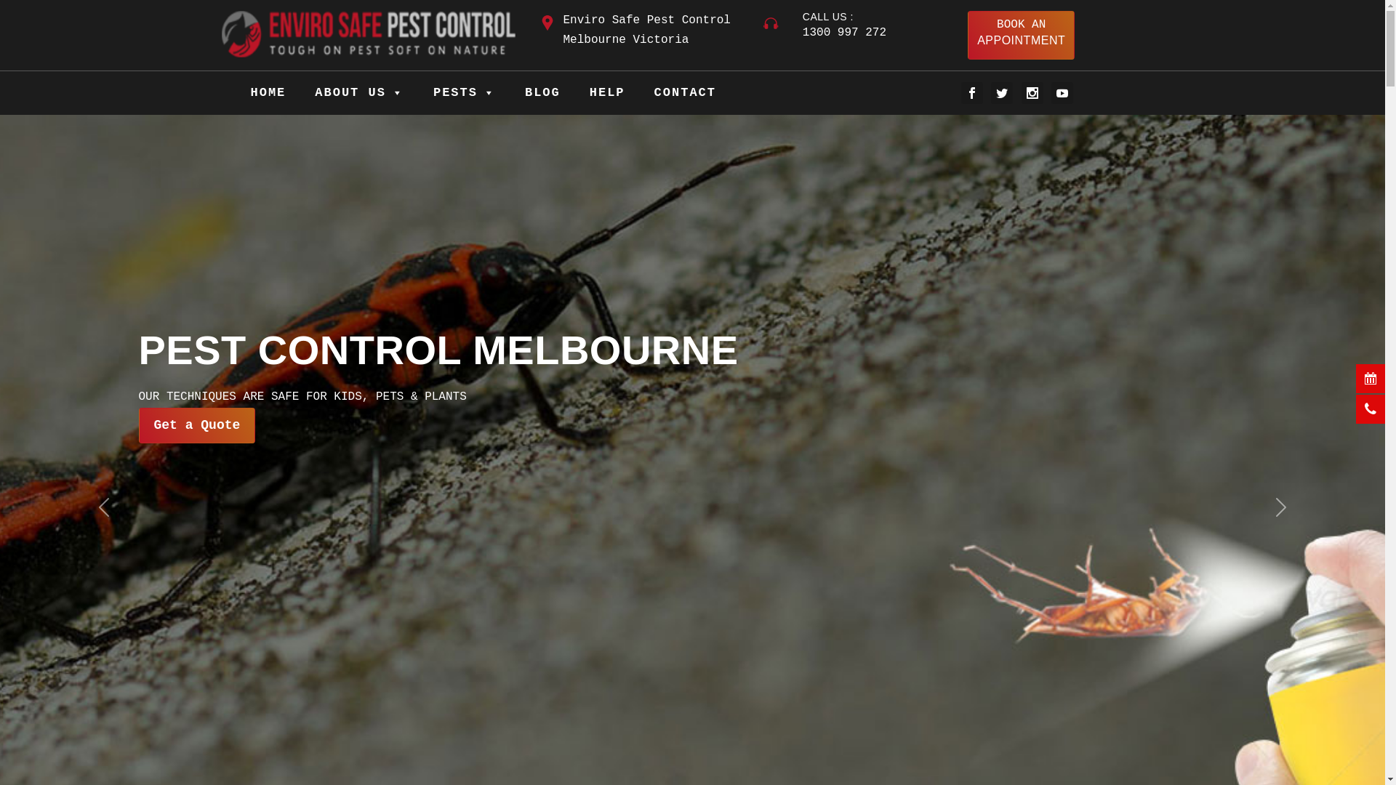 The image size is (1396, 785). What do you see at coordinates (418, 92) in the screenshot?
I see `'PESTS'` at bounding box center [418, 92].